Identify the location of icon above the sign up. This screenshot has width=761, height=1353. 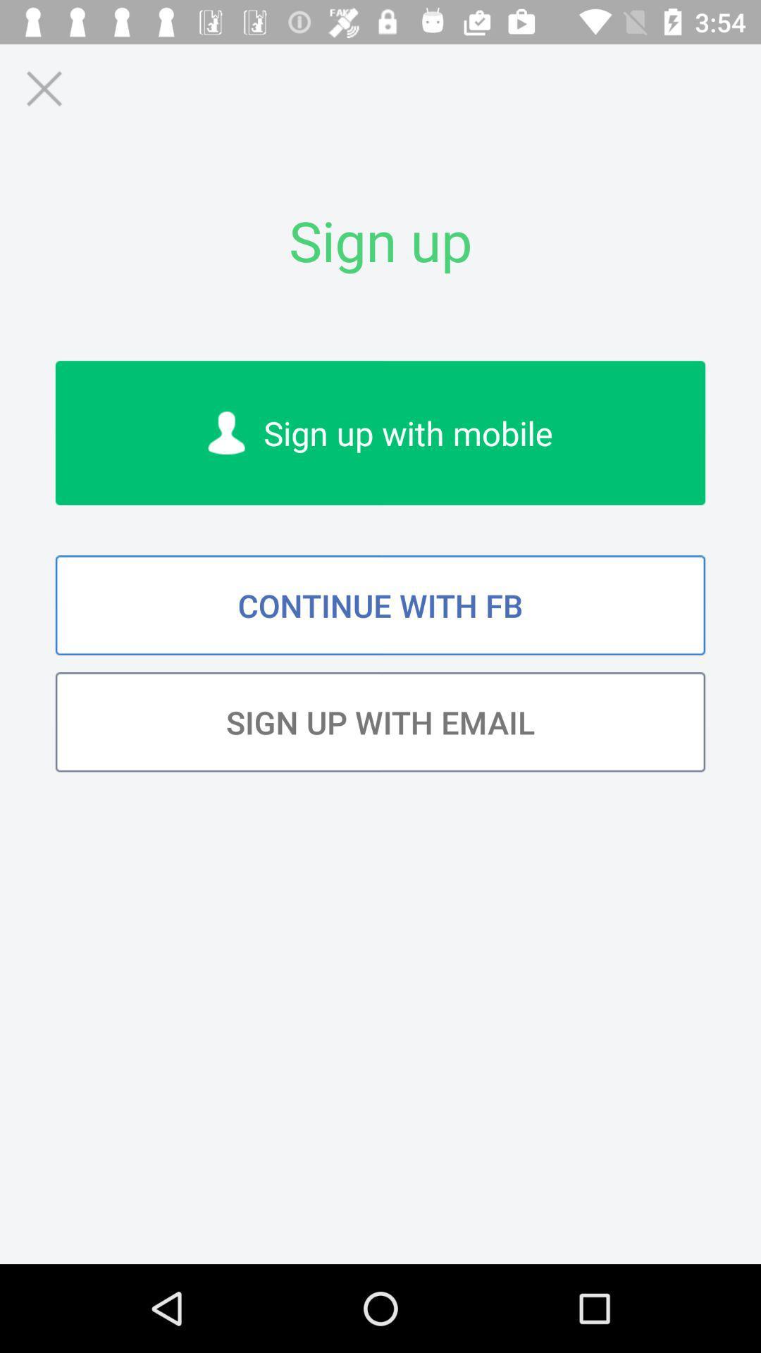
(43, 87).